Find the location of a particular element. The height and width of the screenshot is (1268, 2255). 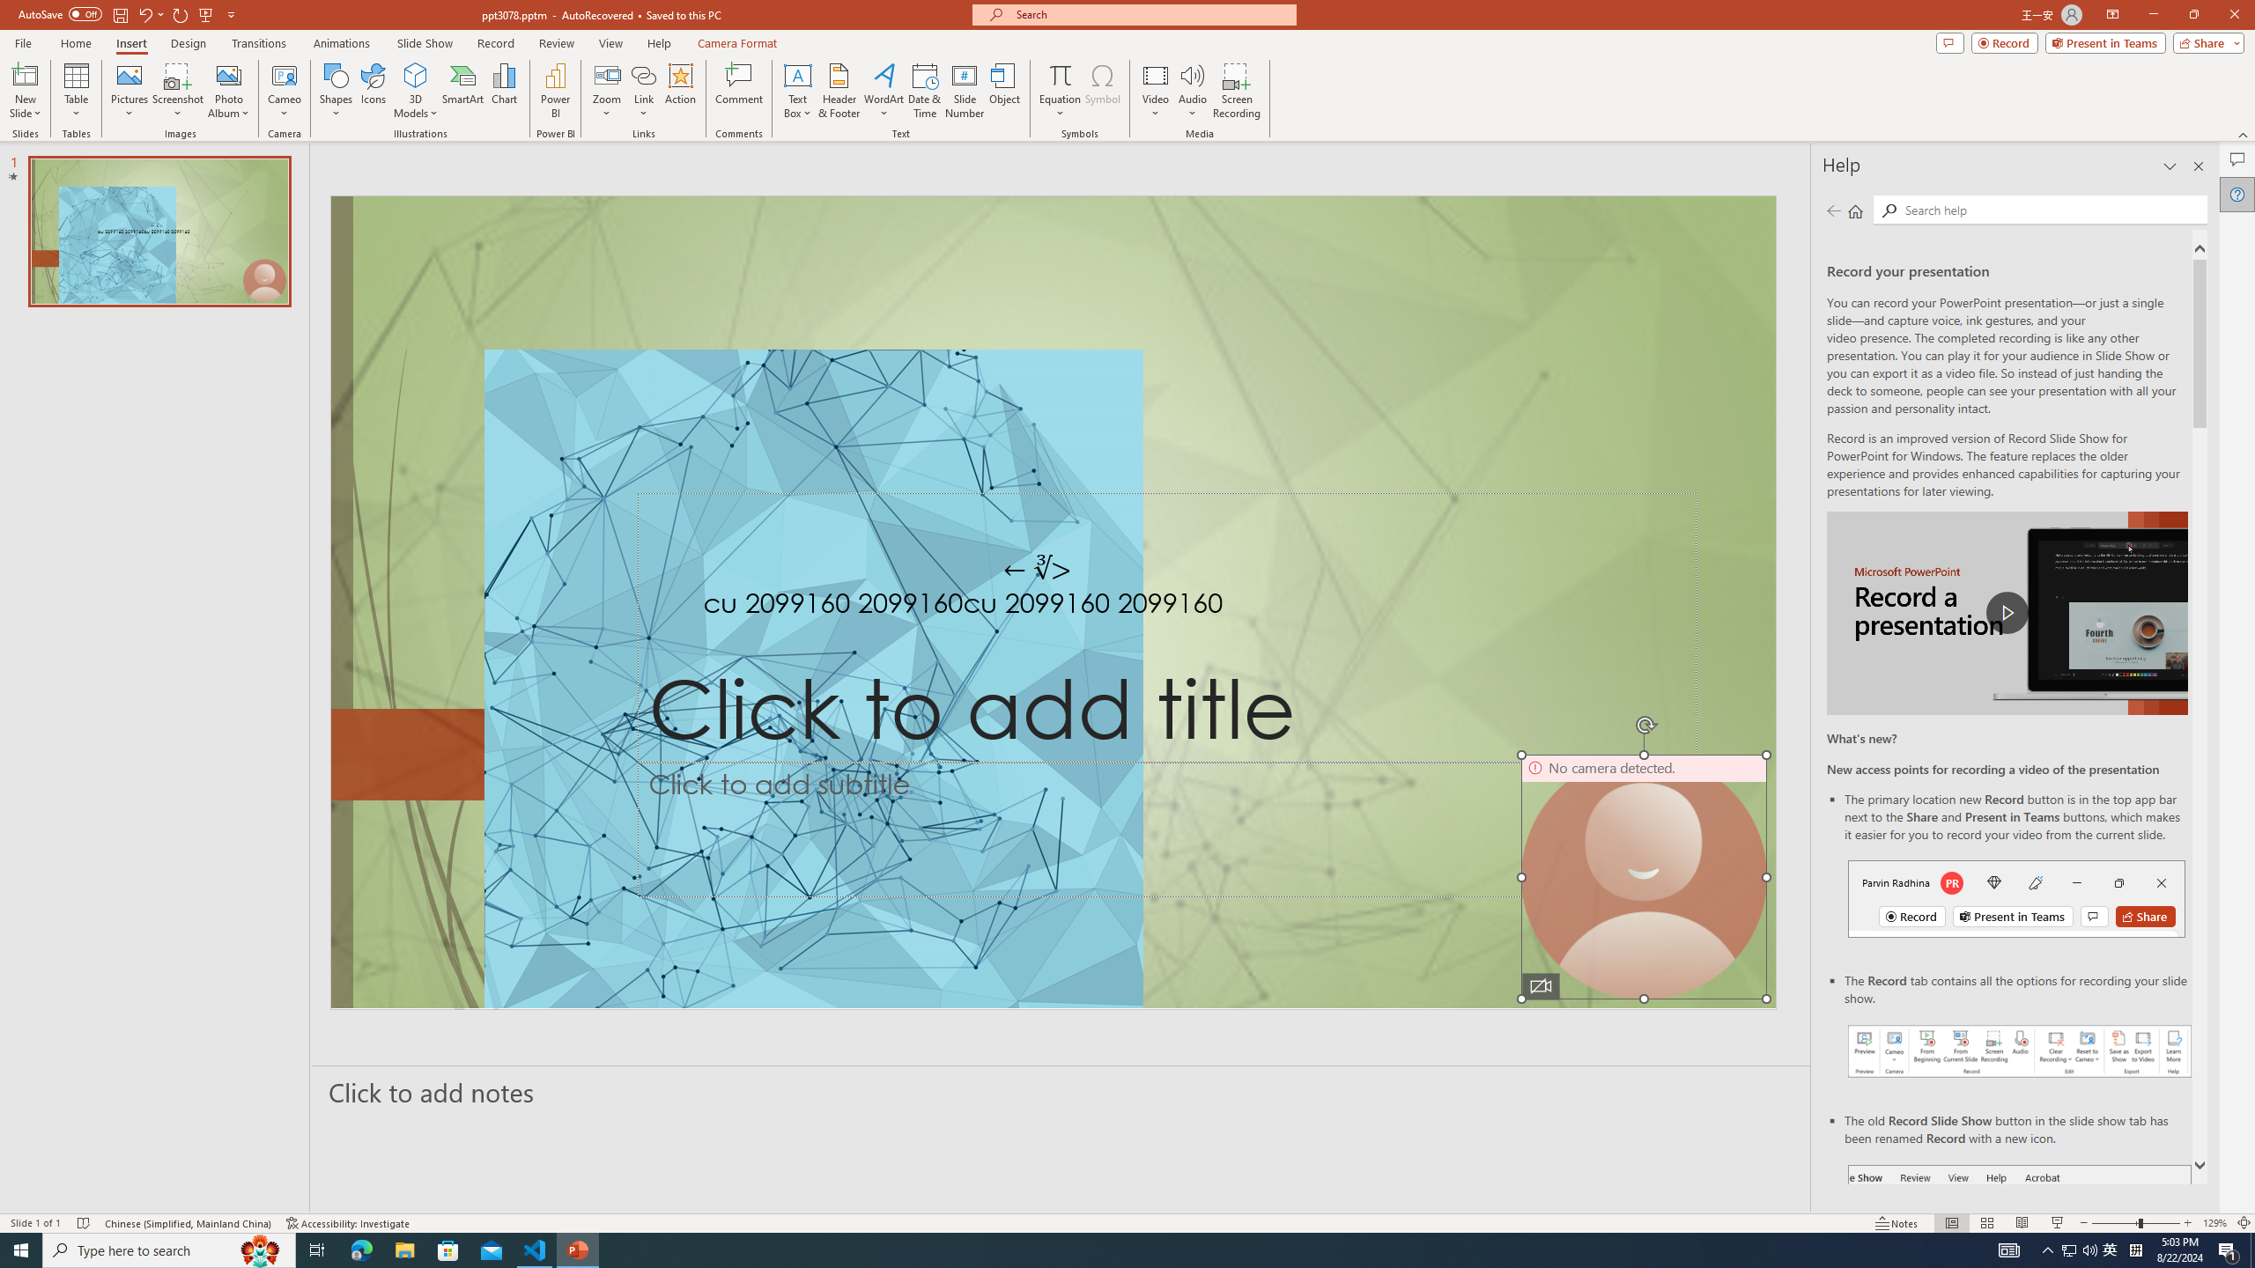

'Power BI' is located at coordinates (556, 91).